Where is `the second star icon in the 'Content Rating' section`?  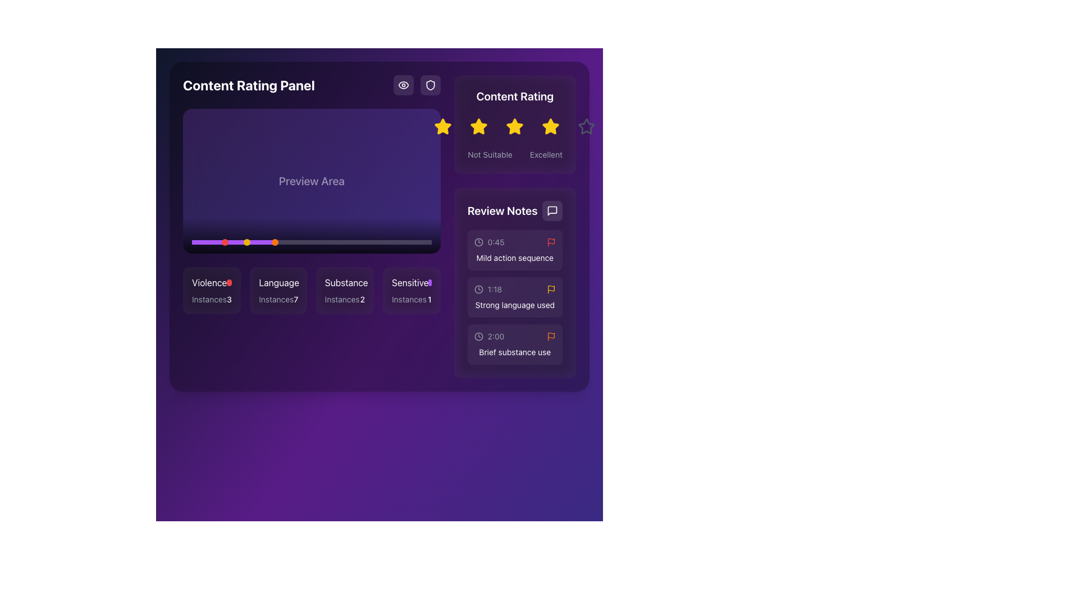
the second star icon in the 'Content Rating' section is located at coordinates (479, 126).